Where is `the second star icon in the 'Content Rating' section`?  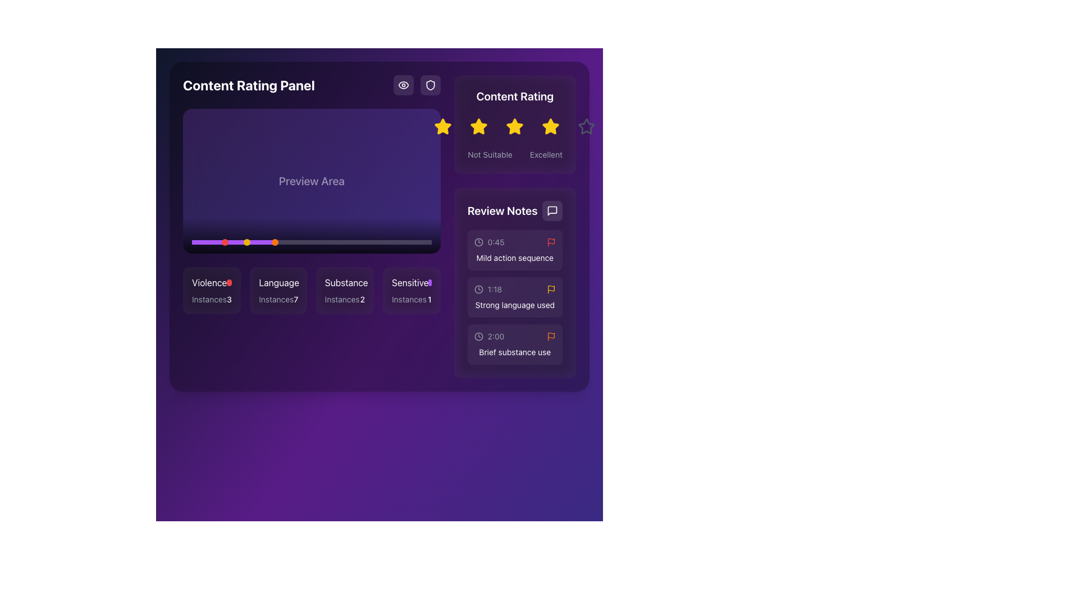
the second star icon in the 'Content Rating' section is located at coordinates (479, 126).